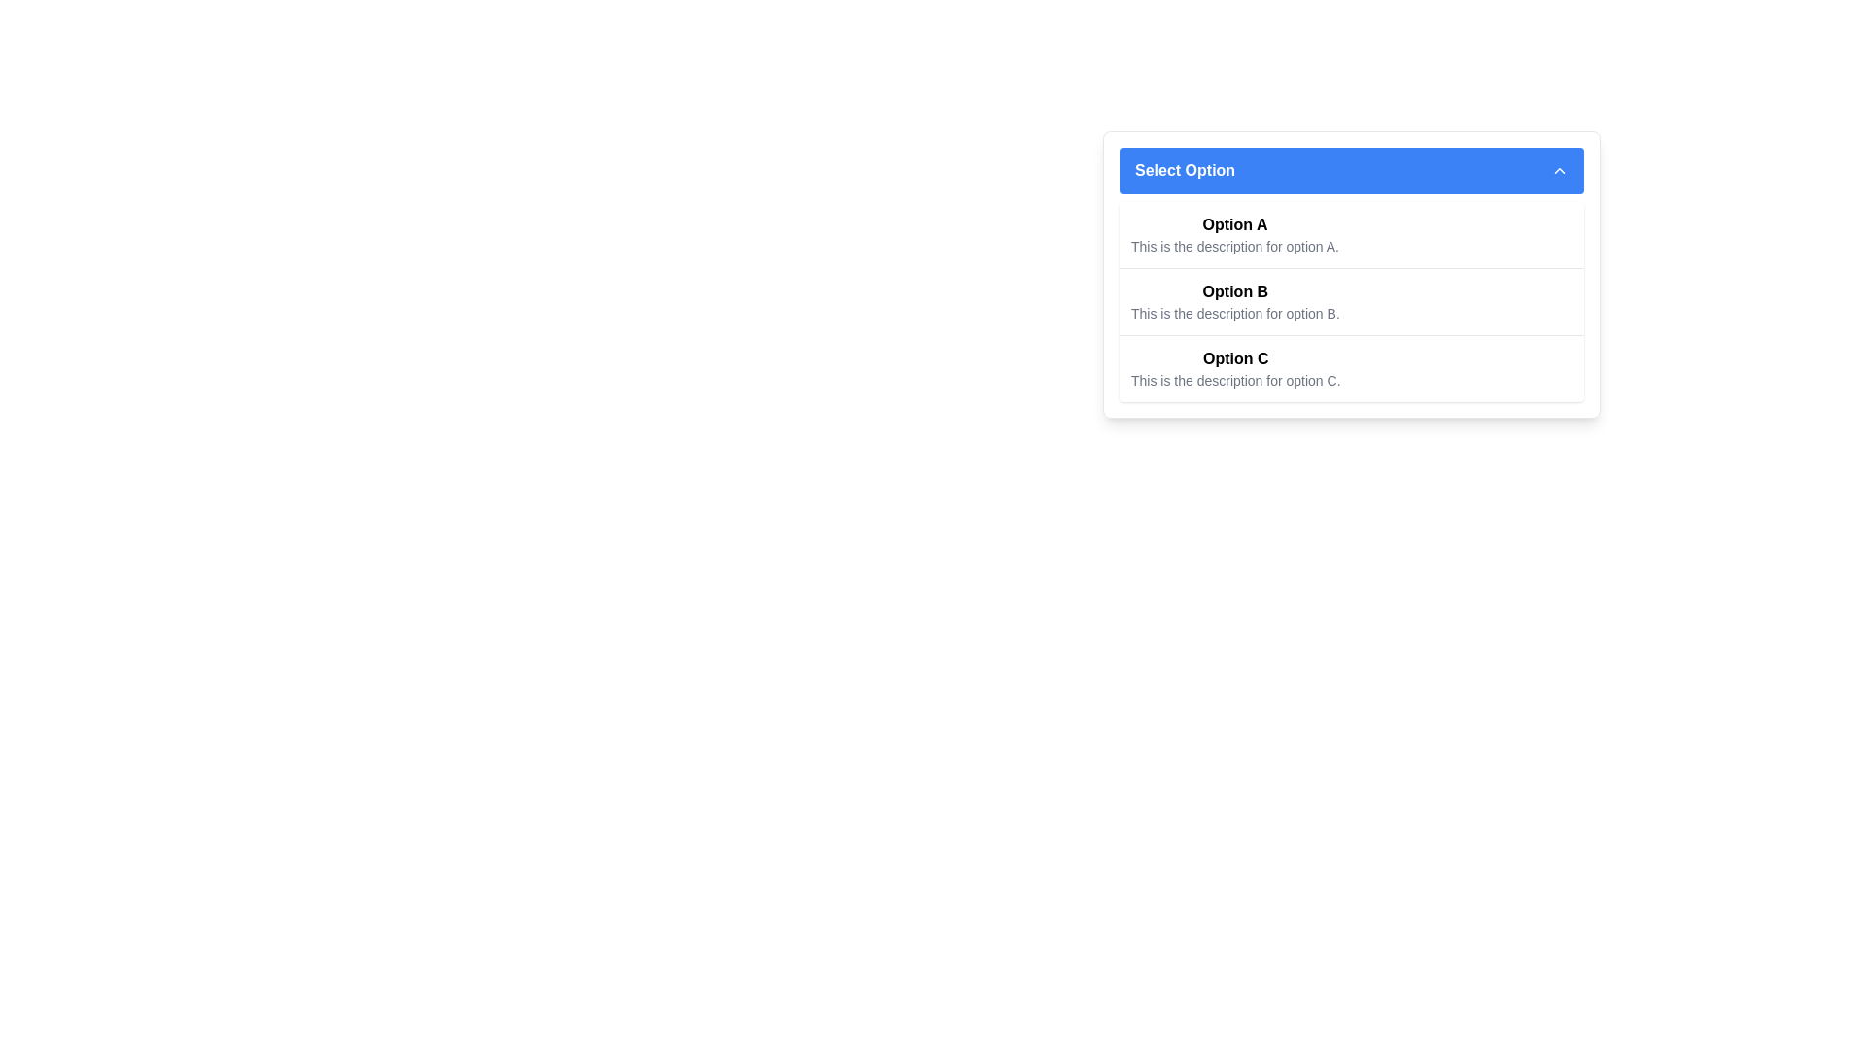  I want to click on 'Option B' in the dropdown menu, so click(1351, 302).